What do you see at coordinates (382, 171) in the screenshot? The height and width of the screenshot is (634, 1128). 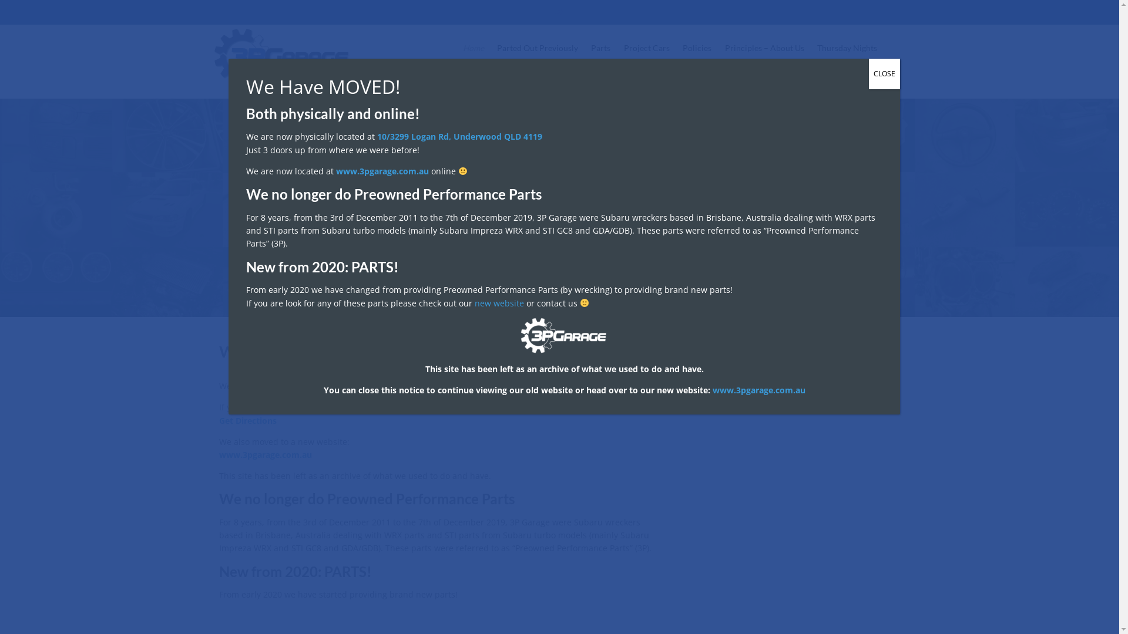 I see `'www.3pgarage.com.au'` at bounding box center [382, 171].